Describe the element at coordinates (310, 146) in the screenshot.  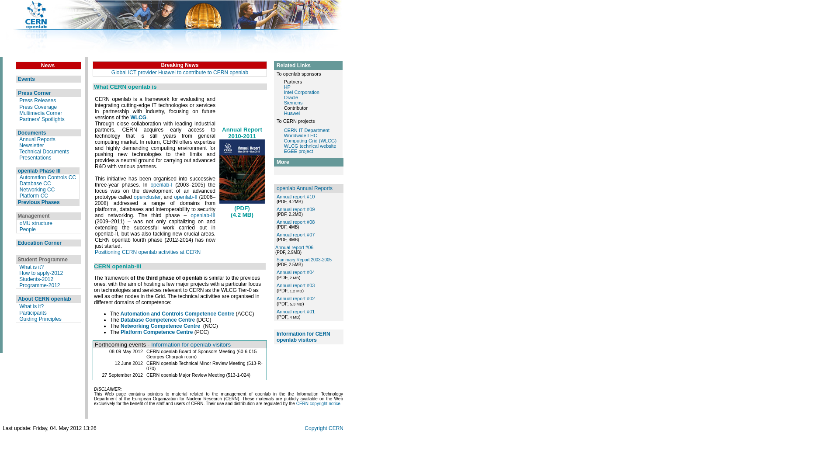
I see `'WLCG technical website'` at that location.